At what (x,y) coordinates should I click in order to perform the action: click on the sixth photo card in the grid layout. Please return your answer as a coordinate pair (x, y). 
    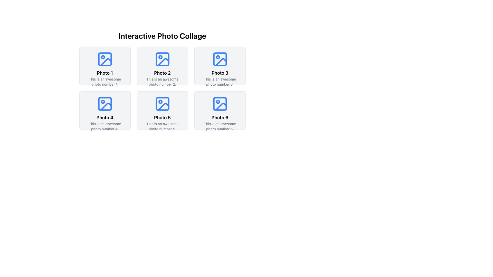
    Looking at the image, I should click on (220, 110).